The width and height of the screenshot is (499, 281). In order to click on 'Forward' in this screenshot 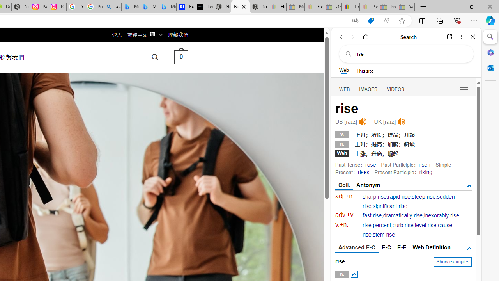, I will do `click(353, 36)`.